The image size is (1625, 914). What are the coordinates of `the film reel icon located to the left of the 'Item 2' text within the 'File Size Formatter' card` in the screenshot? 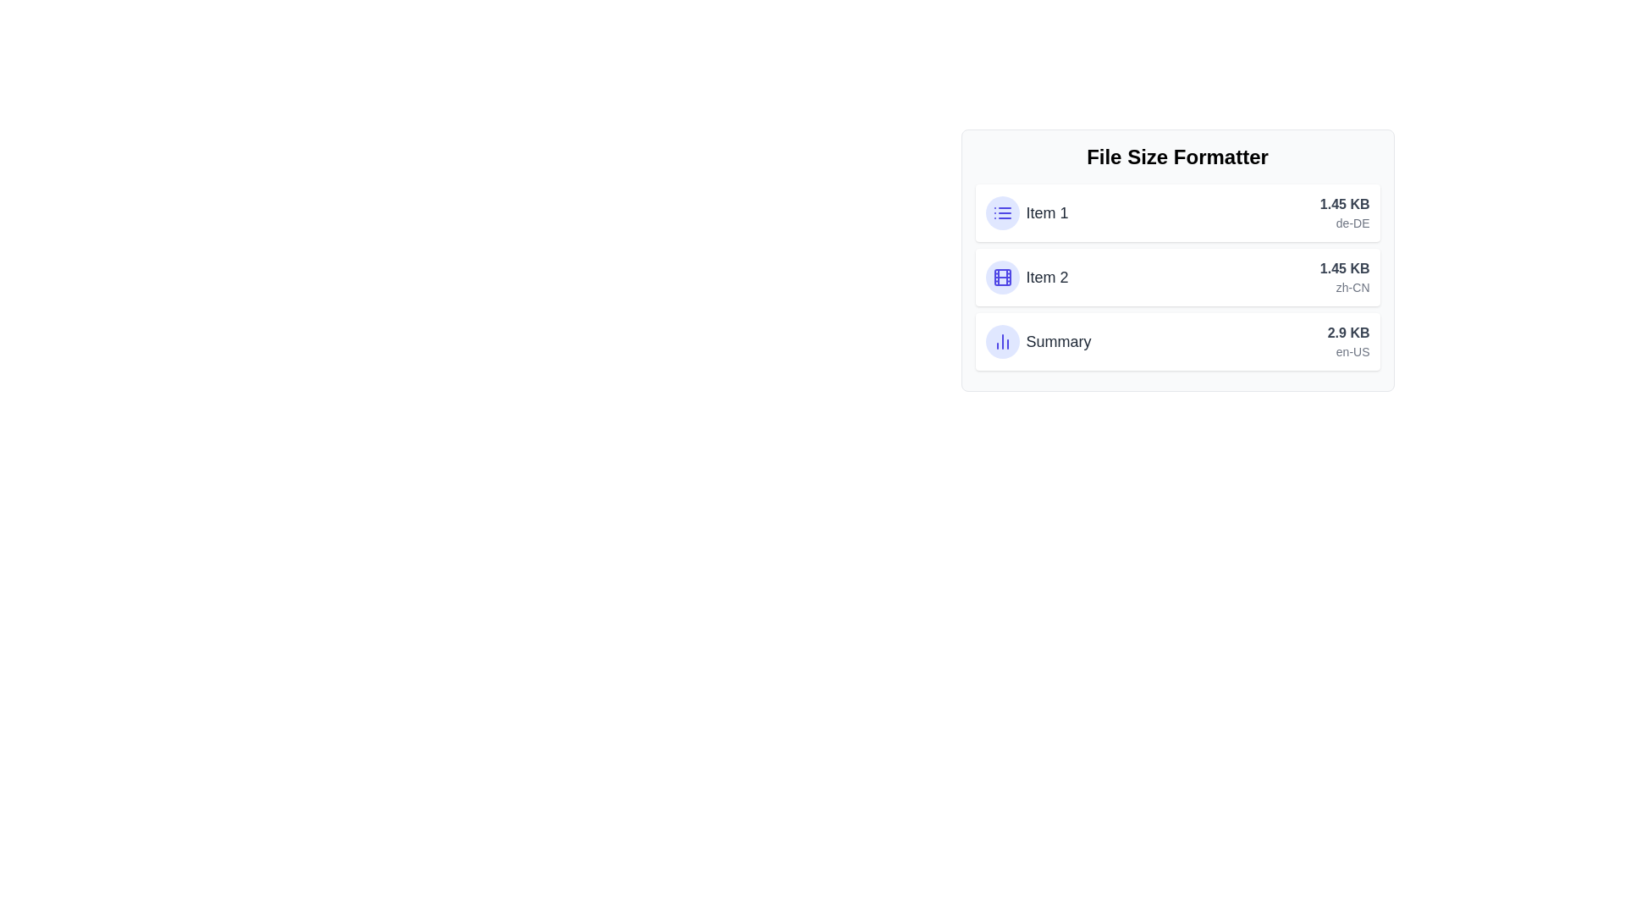 It's located at (1002, 276).